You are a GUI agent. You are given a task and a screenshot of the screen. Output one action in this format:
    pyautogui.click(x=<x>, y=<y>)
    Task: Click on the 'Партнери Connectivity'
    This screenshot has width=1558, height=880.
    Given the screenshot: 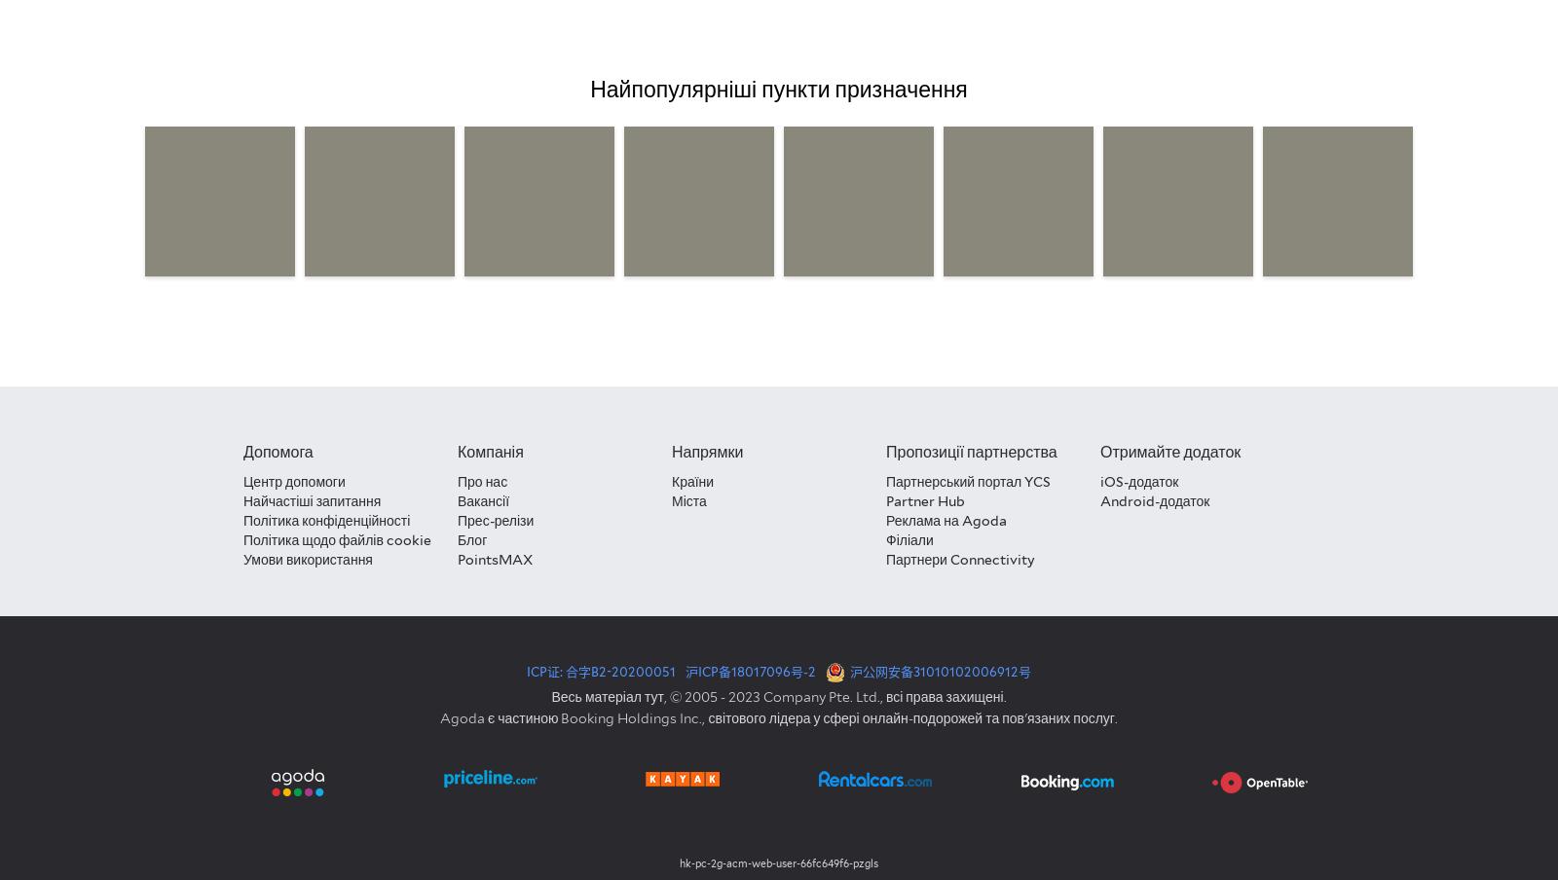 What is the action you would take?
    pyautogui.click(x=958, y=558)
    